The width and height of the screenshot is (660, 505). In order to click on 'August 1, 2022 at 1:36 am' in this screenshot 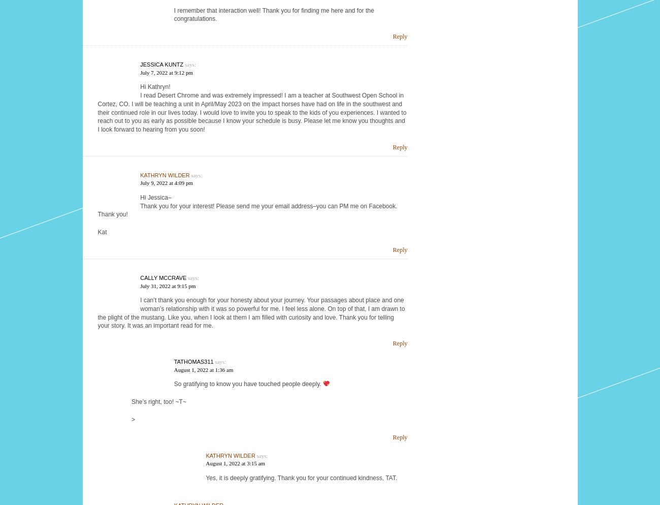, I will do `click(203, 369)`.